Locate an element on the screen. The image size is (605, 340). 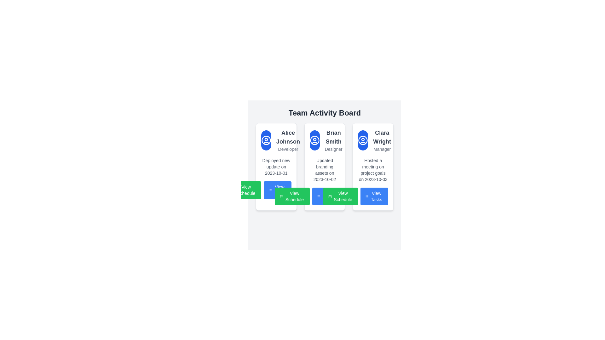
the Profile information display section that includes the avatar icon and the text 'Clara Wright' as the name and 'Manager' as the title is located at coordinates (373, 140).